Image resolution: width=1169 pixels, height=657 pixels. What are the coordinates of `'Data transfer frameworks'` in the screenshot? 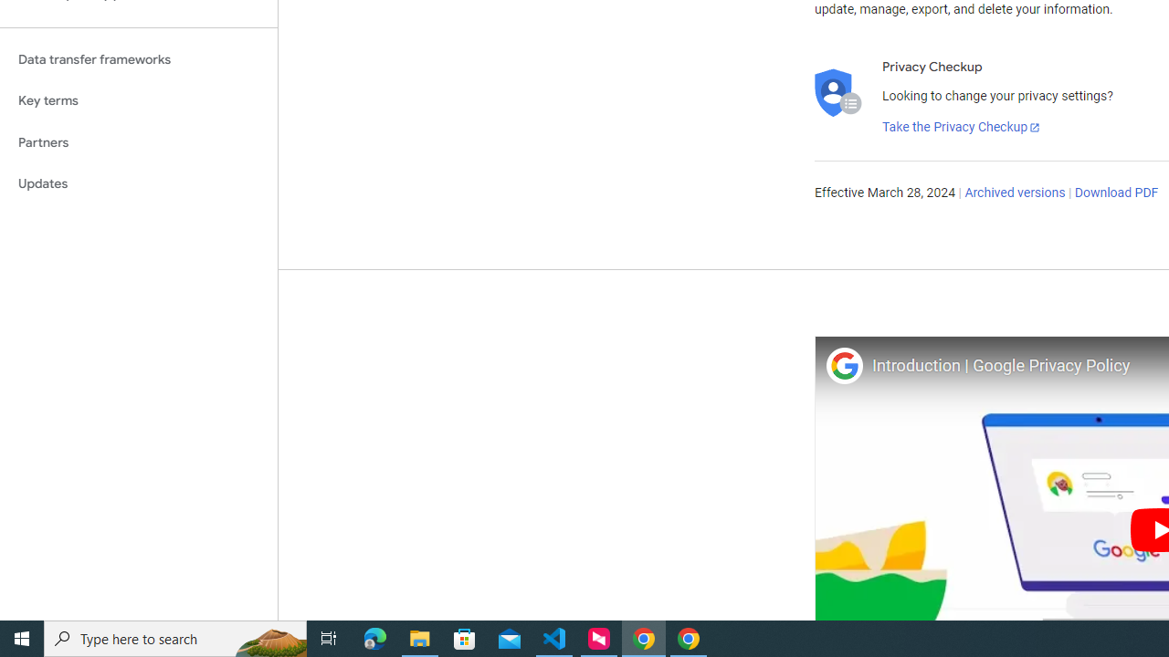 It's located at (138, 58).